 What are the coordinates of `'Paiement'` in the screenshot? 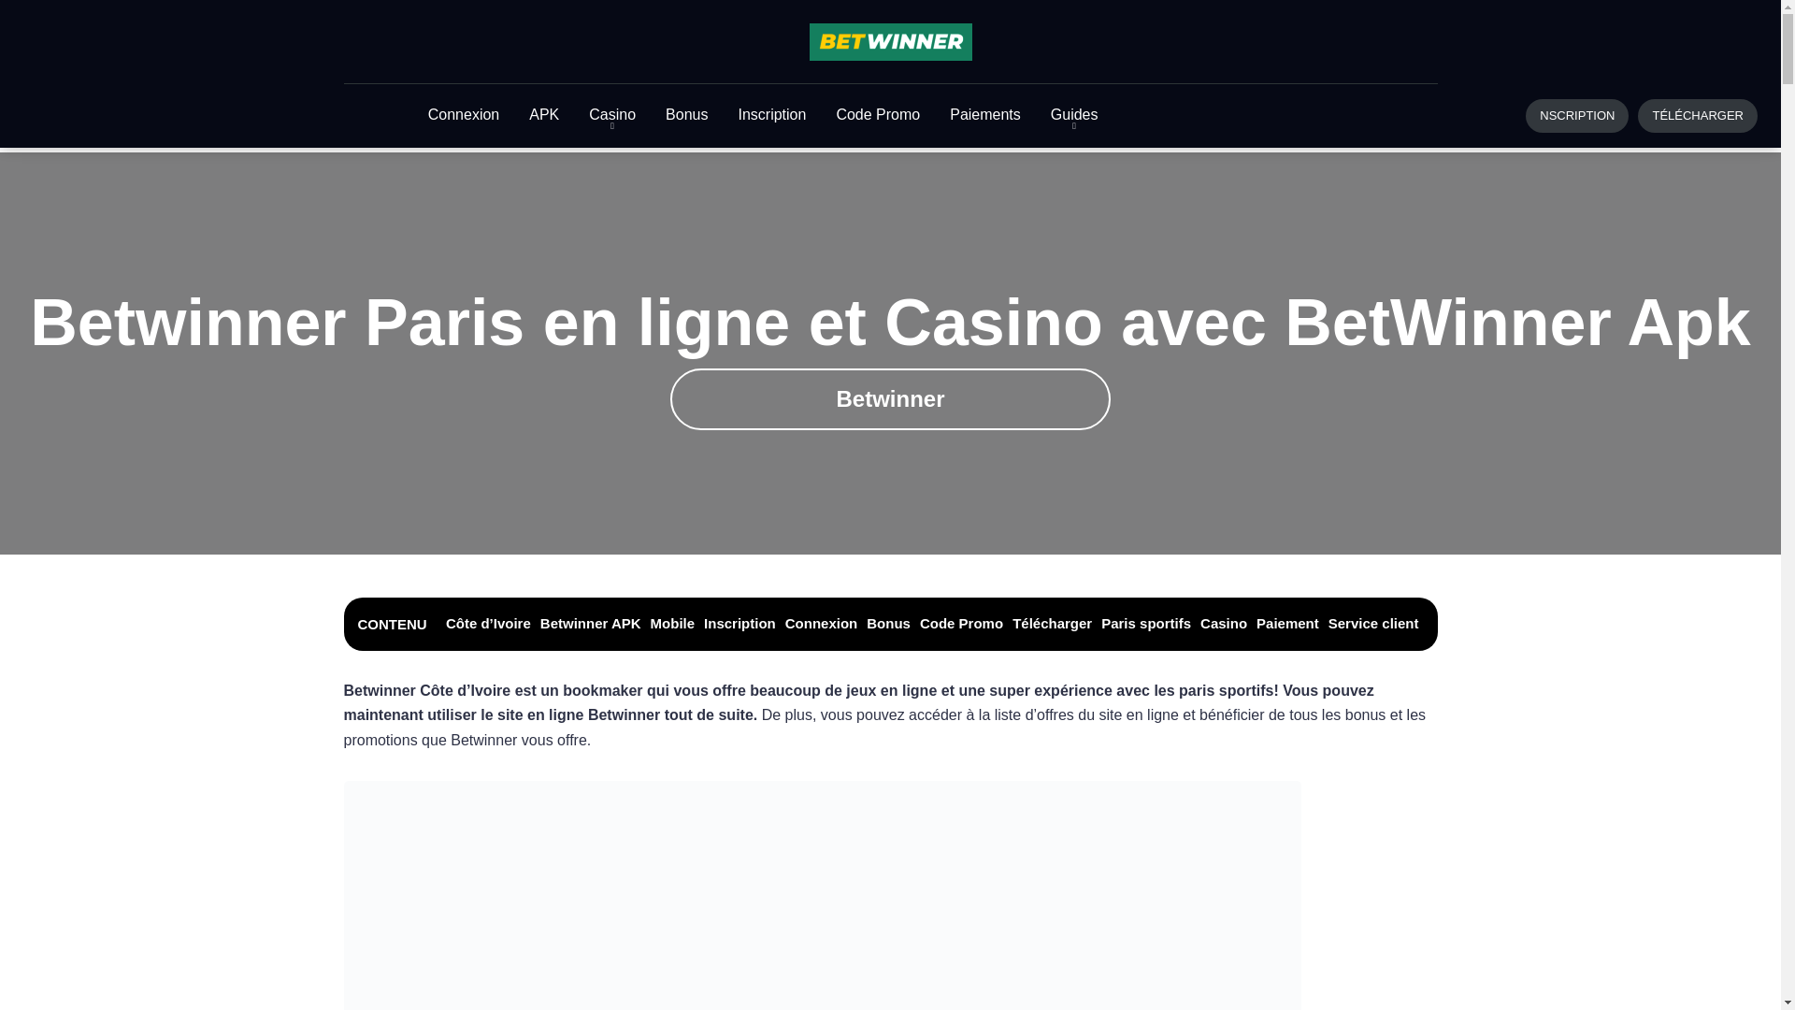 It's located at (1286, 623).